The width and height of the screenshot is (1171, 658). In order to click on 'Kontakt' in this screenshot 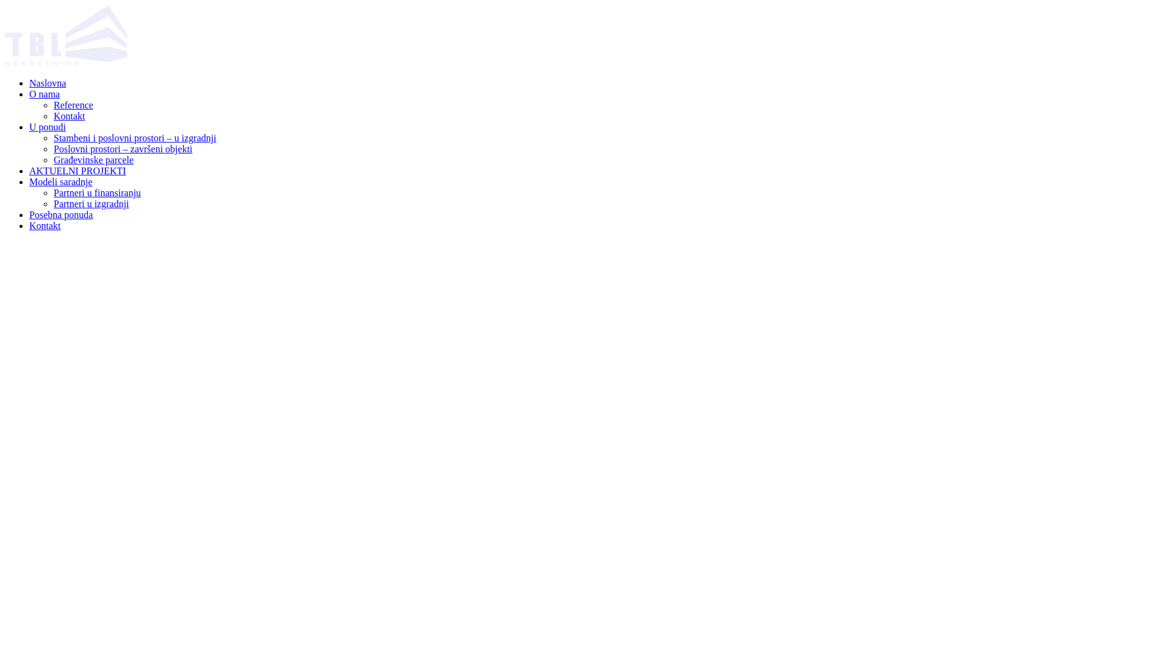, I will do `click(29, 225)`.